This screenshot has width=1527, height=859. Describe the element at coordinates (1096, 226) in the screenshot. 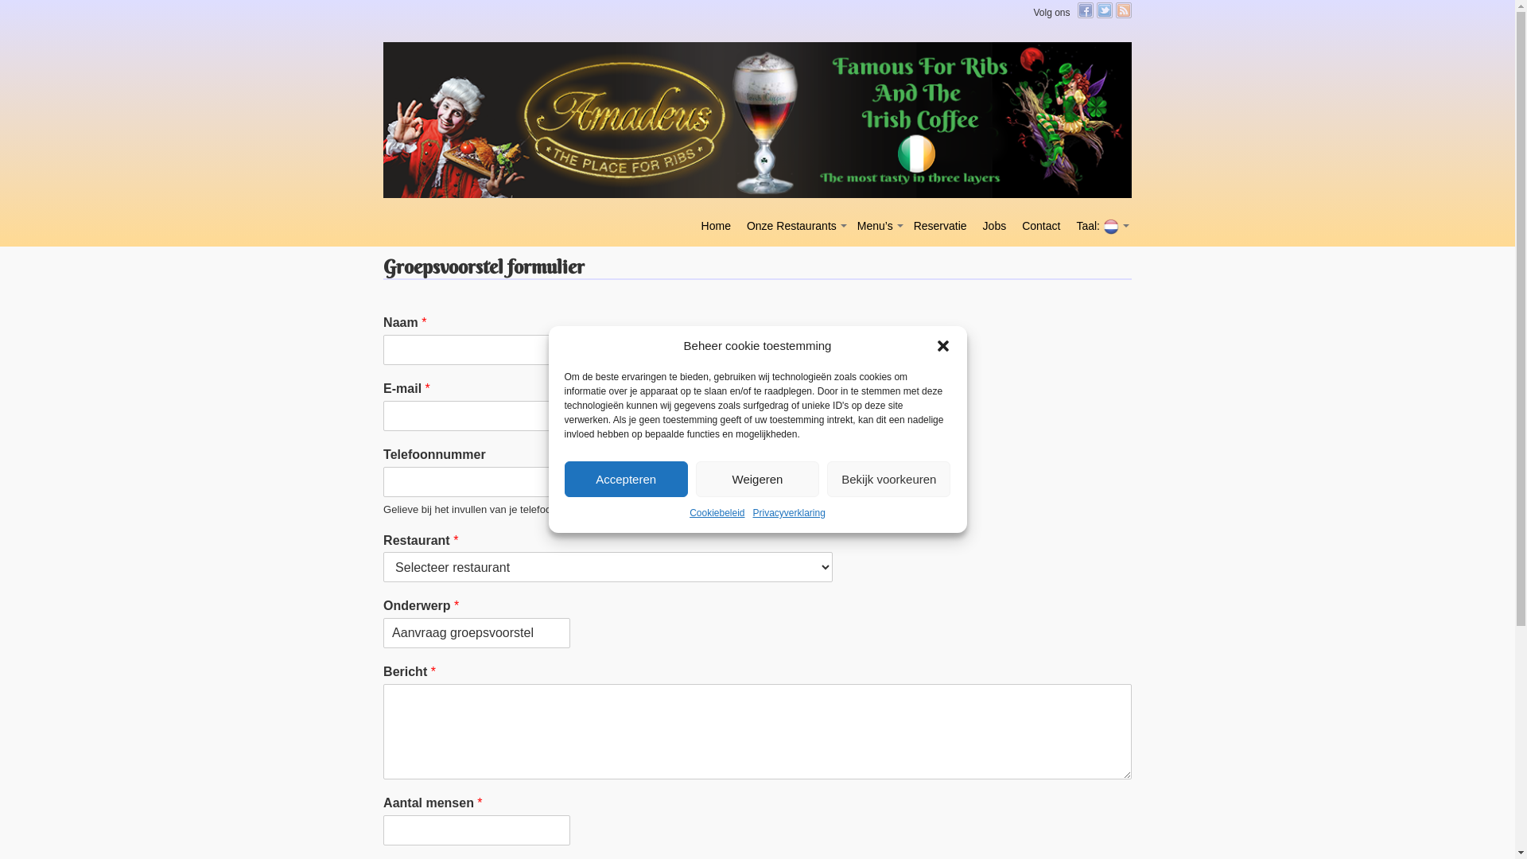

I see `'Taal: '` at that location.